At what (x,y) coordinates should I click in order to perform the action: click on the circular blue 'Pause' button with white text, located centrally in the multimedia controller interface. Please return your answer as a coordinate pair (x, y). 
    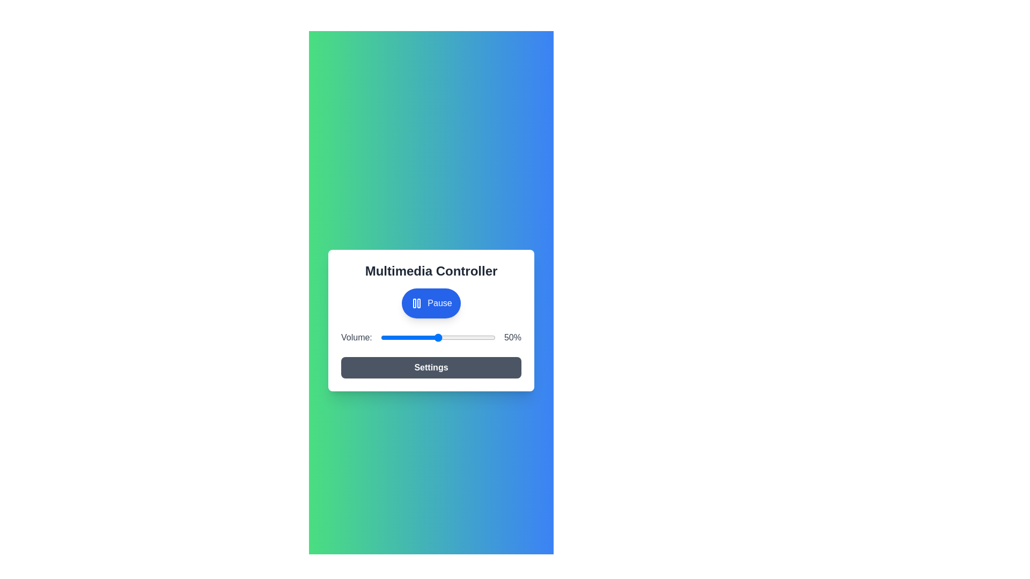
    Looking at the image, I should click on (431, 303).